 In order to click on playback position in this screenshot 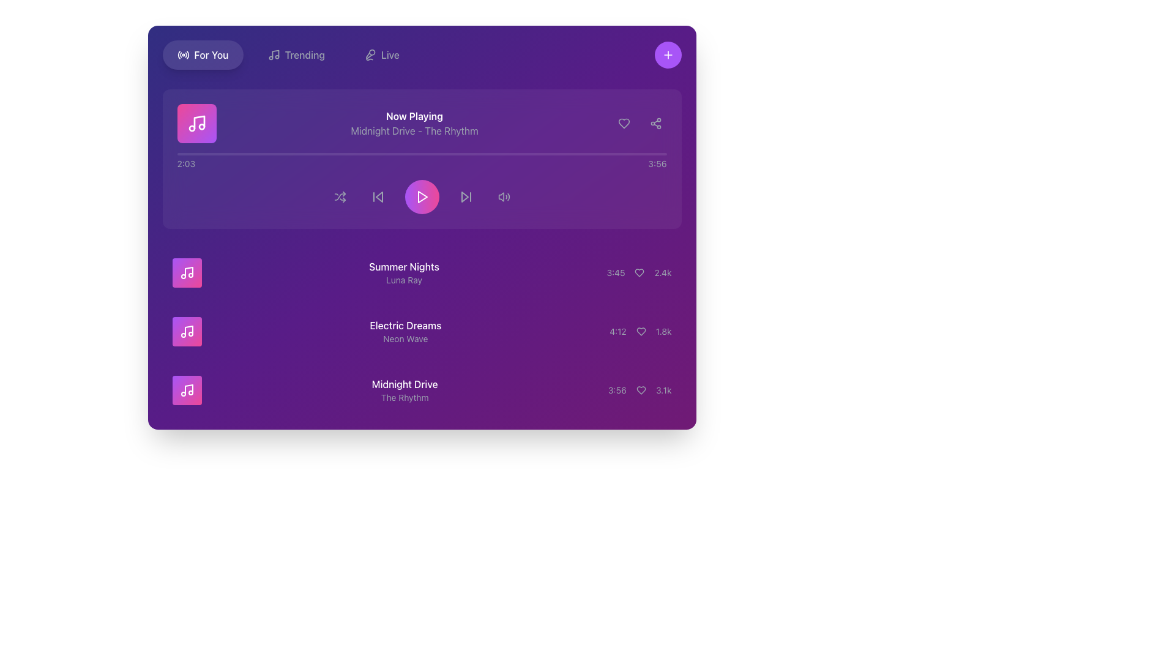, I will do `click(430, 153)`.